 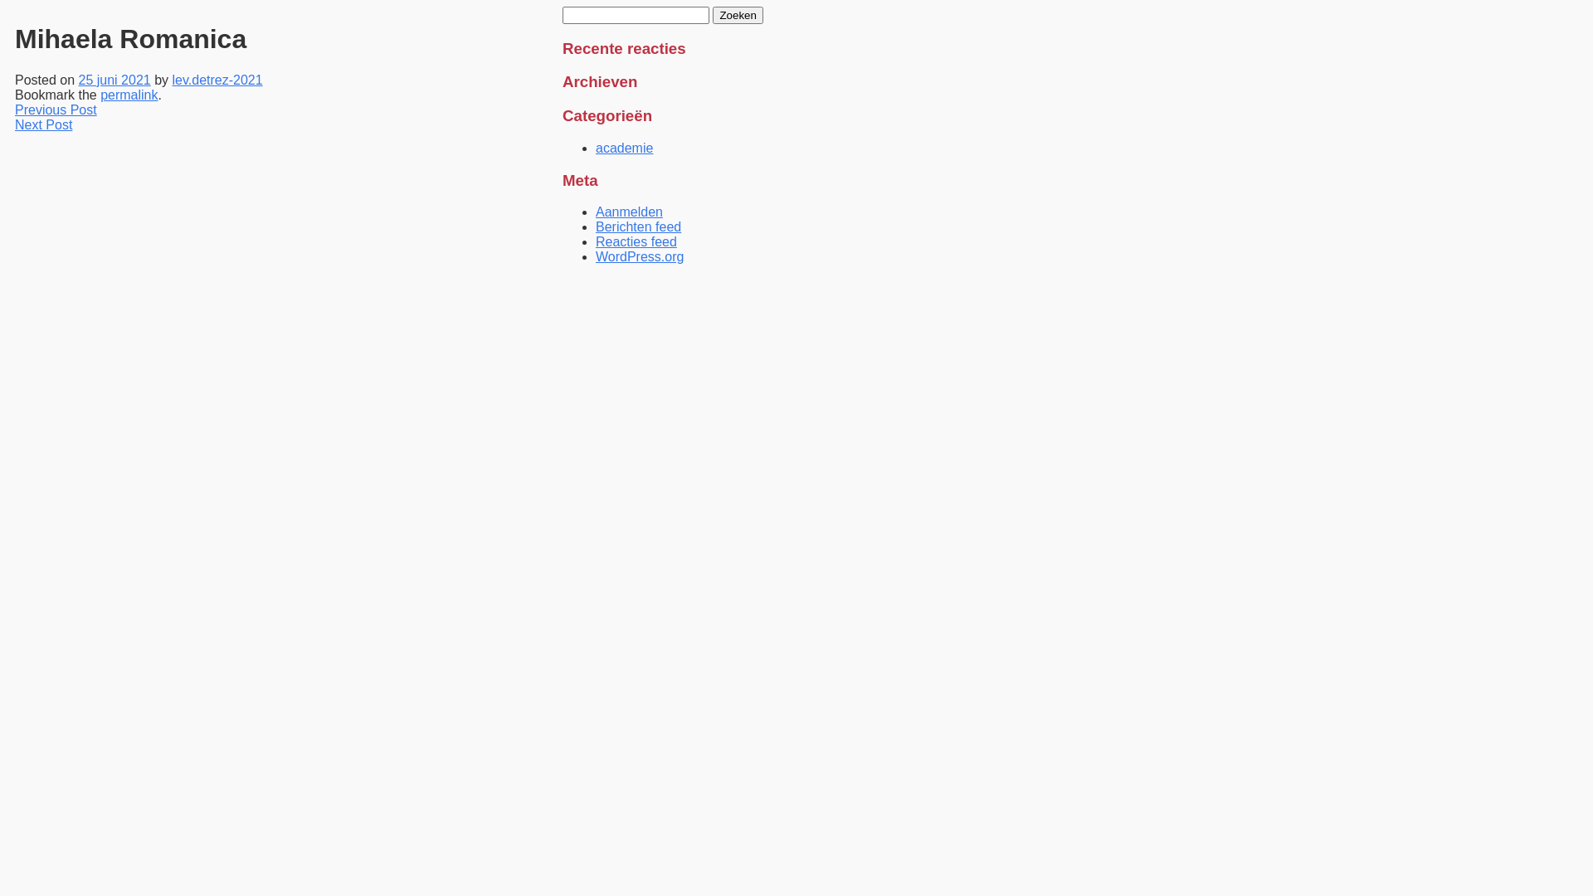 I want to click on 'permalink', so click(x=99, y=95).